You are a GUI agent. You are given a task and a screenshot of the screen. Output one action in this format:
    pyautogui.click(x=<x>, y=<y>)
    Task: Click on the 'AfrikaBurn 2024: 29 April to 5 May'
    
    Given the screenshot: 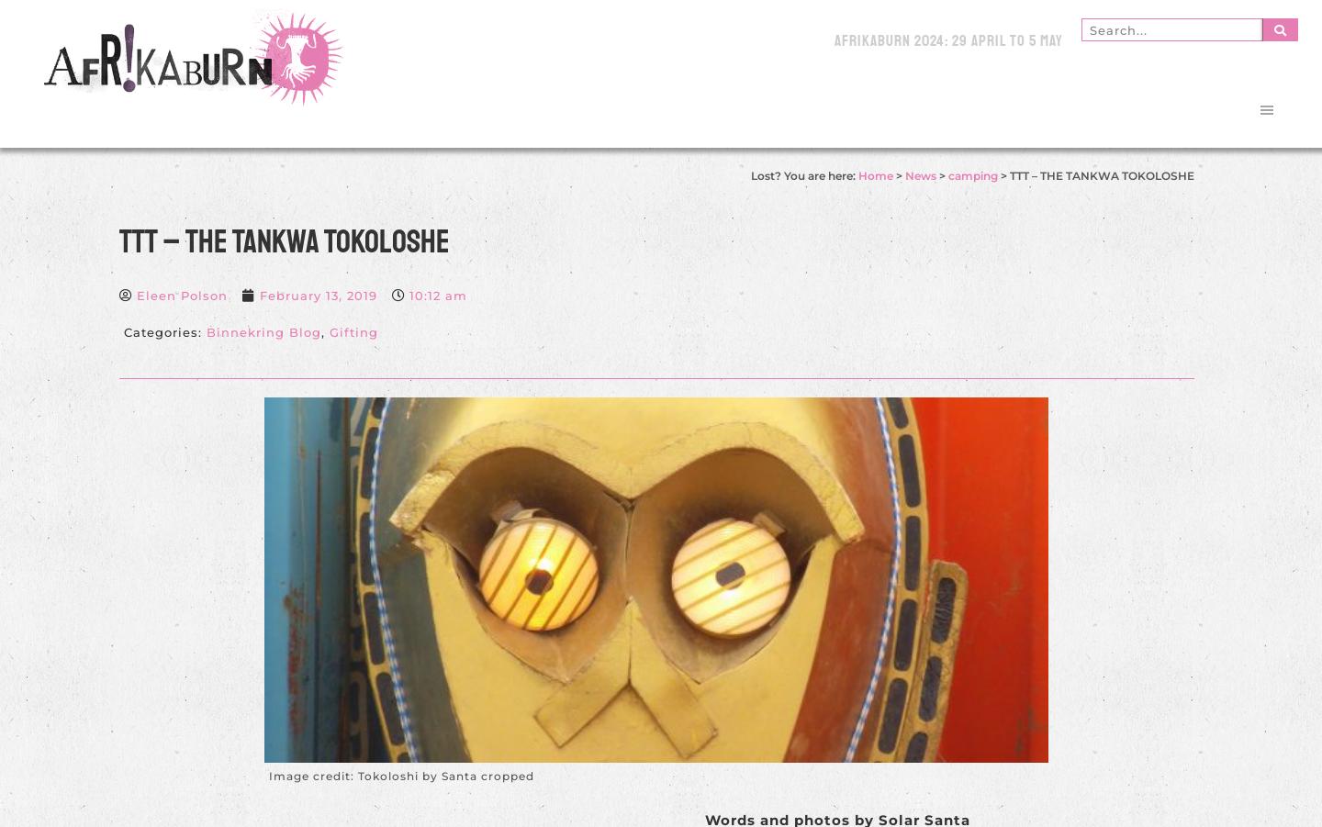 What is the action you would take?
    pyautogui.click(x=834, y=39)
    